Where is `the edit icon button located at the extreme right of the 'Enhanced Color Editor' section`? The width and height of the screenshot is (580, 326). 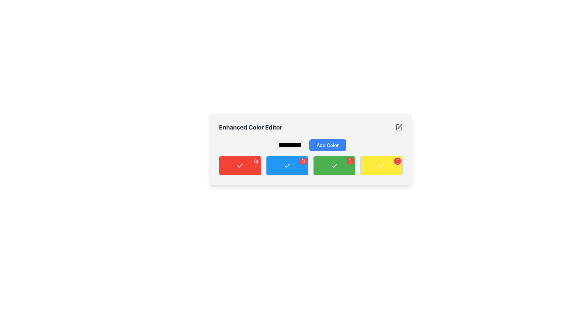
the edit icon button located at the extreme right of the 'Enhanced Color Editor' section is located at coordinates (399, 127).